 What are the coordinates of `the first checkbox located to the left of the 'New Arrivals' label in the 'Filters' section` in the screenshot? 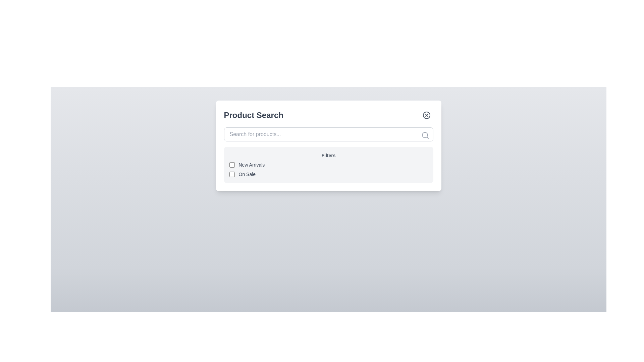 It's located at (232, 165).